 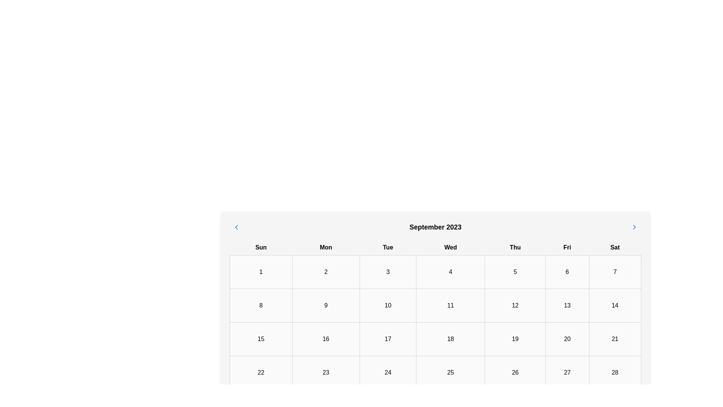 What do you see at coordinates (515, 338) in the screenshot?
I see `the calendar cell representing the date '19'` at bounding box center [515, 338].